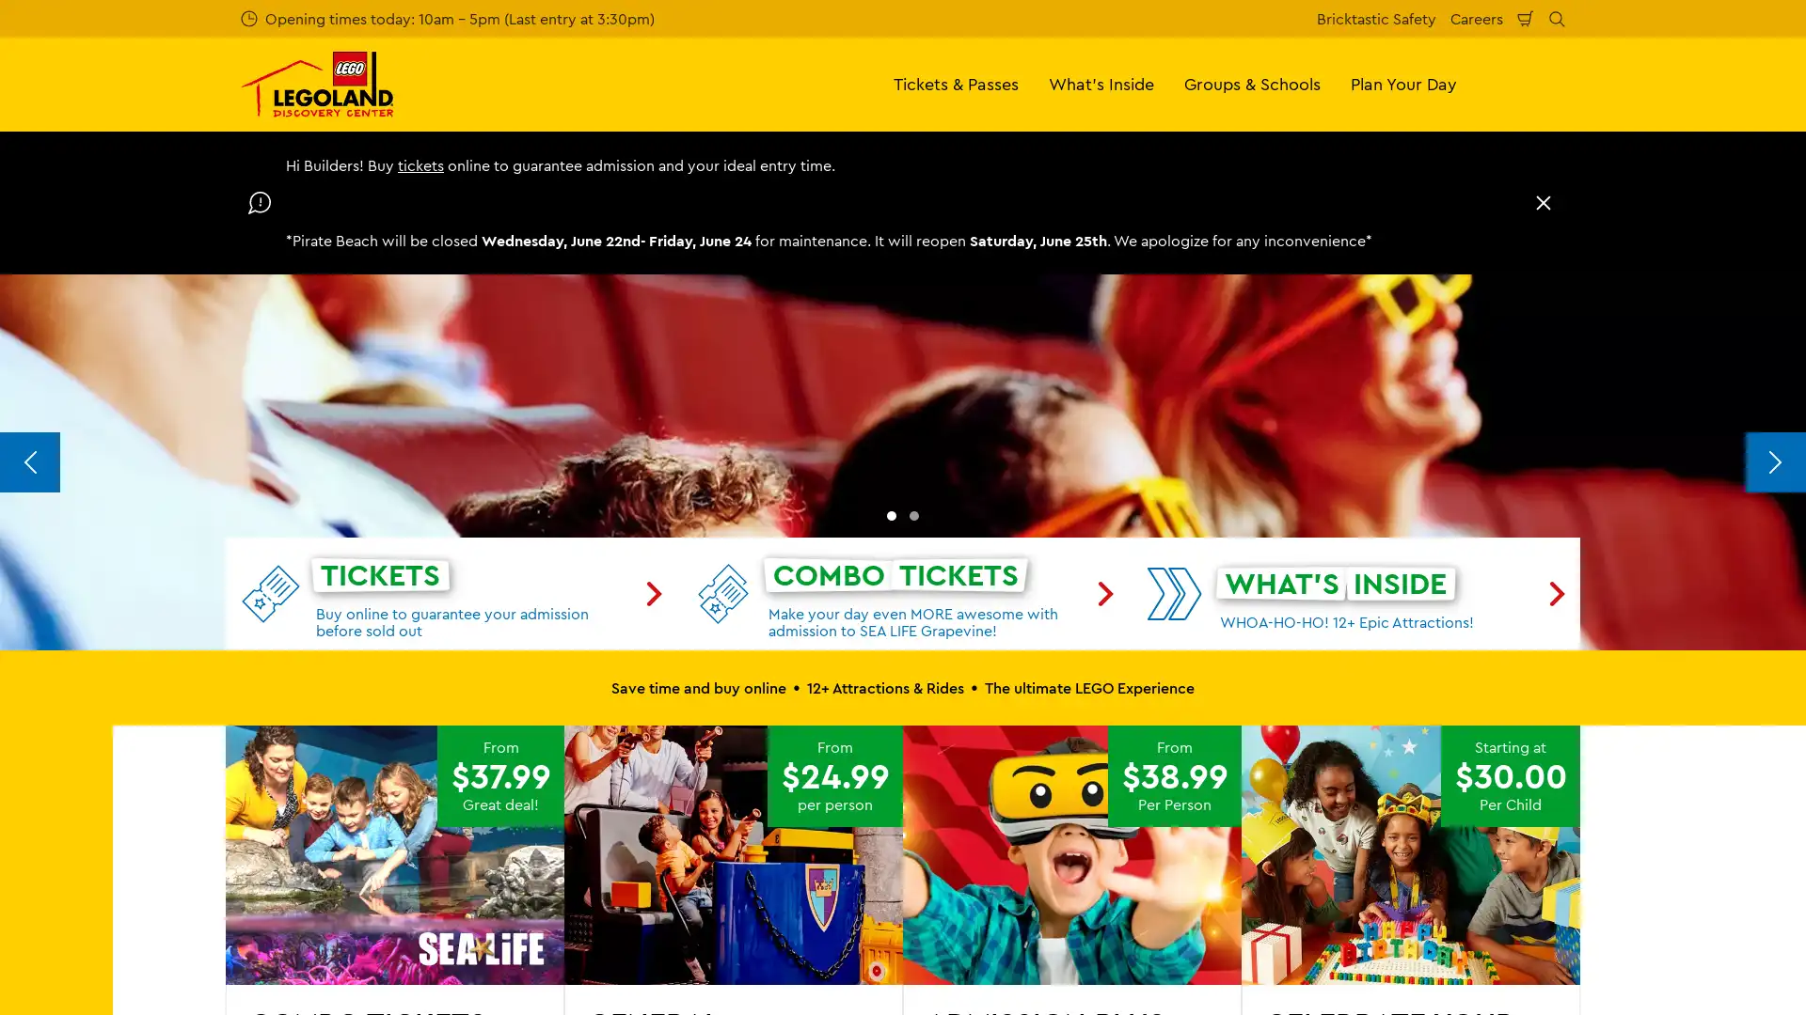 Image resolution: width=1806 pixels, height=1015 pixels. What do you see at coordinates (1526, 18) in the screenshot?
I see `Shopping Cart` at bounding box center [1526, 18].